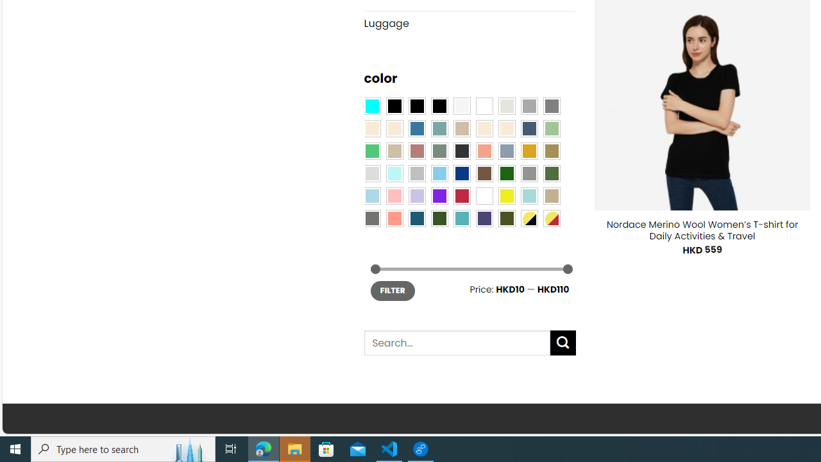 This screenshot has width=821, height=462. I want to click on 'Red', so click(462, 196).